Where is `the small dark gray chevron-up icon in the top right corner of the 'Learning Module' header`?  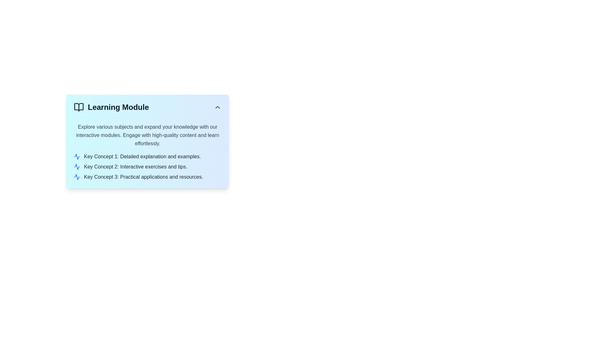
the small dark gray chevron-up icon in the top right corner of the 'Learning Module' header is located at coordinates (218, 107).